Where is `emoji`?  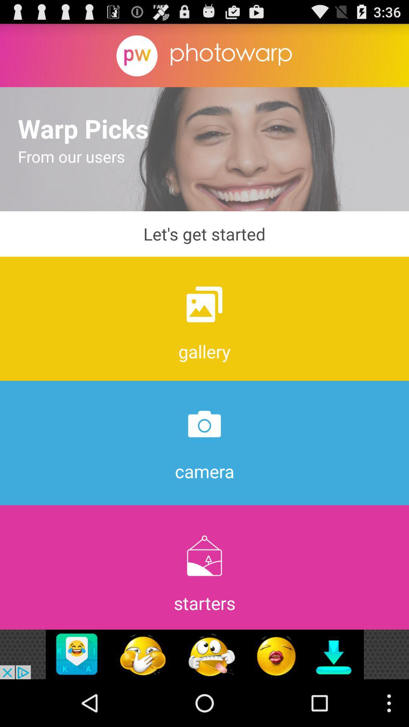 emoji is located at coordinates (204, 654).